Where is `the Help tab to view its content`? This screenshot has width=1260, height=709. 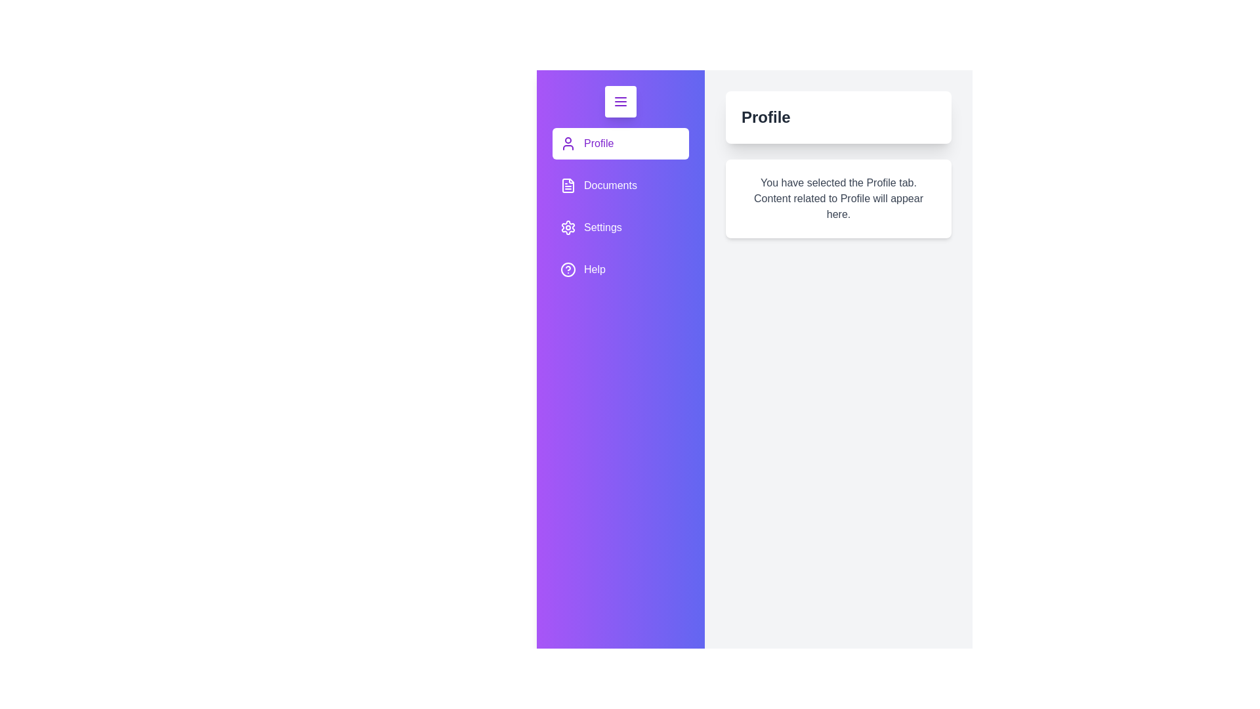
the Help tab to view its content is located at coordinates (619, 269).